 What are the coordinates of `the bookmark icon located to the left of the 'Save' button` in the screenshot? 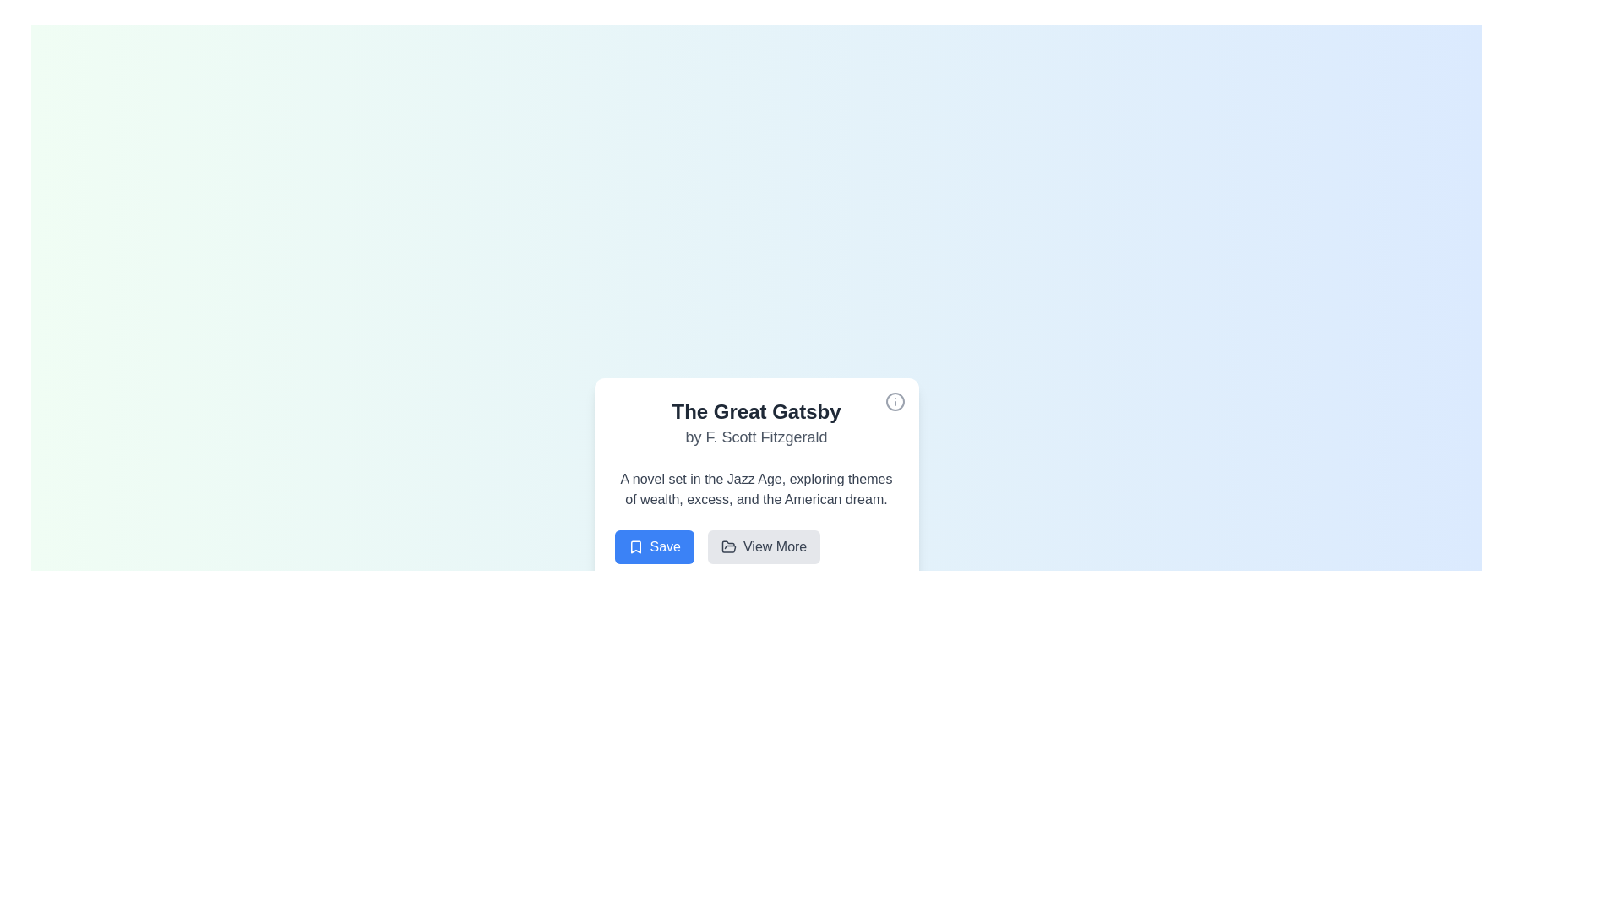 It's located at (634, 547).